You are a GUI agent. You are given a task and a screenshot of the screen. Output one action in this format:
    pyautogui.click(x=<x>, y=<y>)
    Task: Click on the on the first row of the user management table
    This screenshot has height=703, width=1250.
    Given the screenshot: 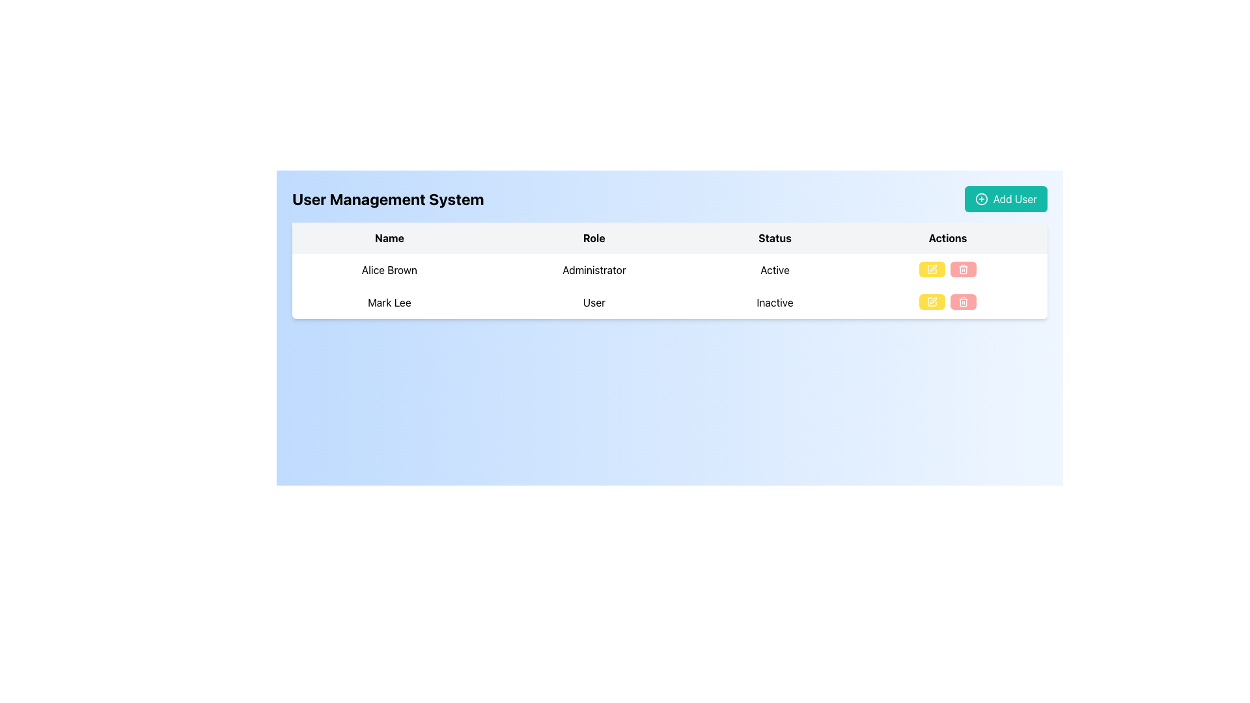 What is the action you would take?
    pyautogui.click(x=669, y=269)
    